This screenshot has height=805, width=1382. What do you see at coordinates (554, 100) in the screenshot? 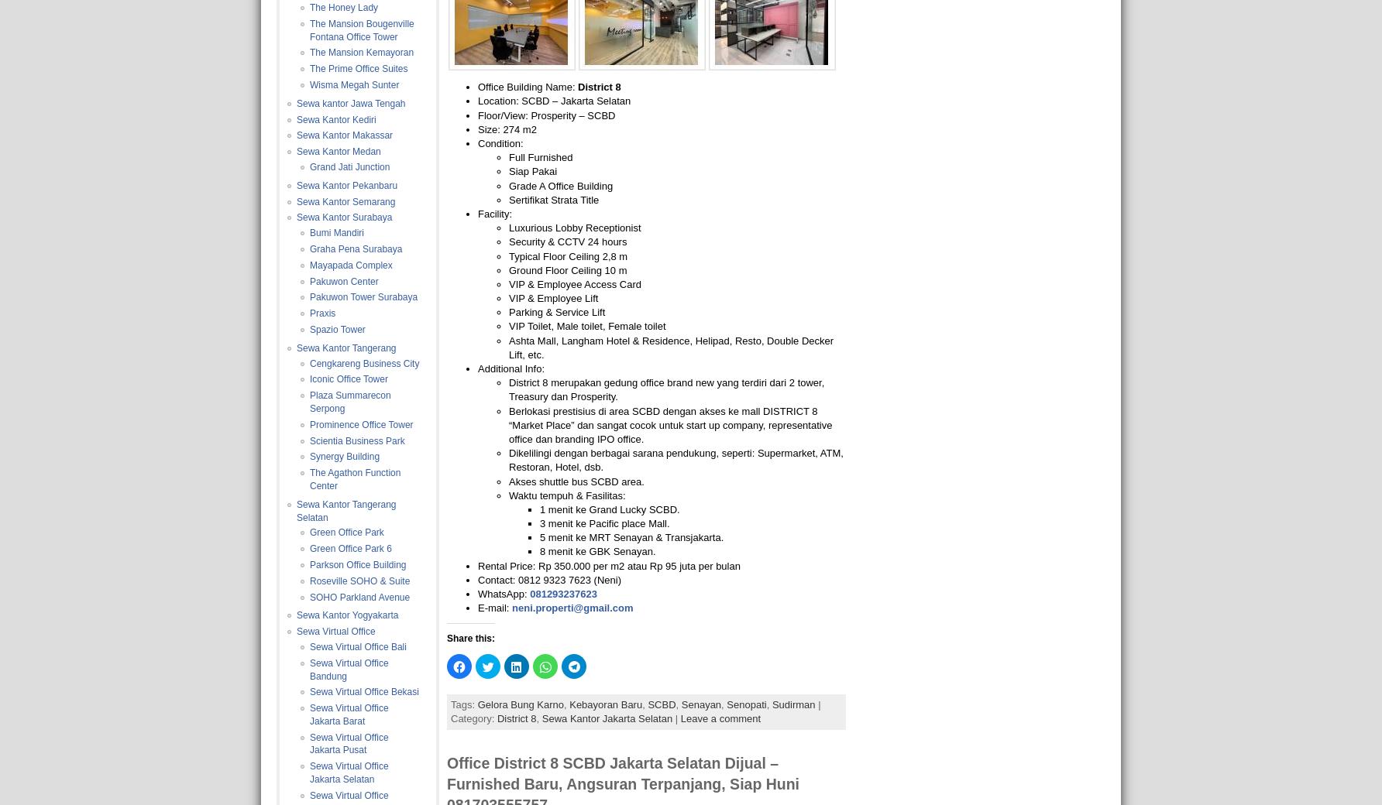
I see `'Location: SCBD – Jakarta Selatan'` at bounding box center [554, 100].